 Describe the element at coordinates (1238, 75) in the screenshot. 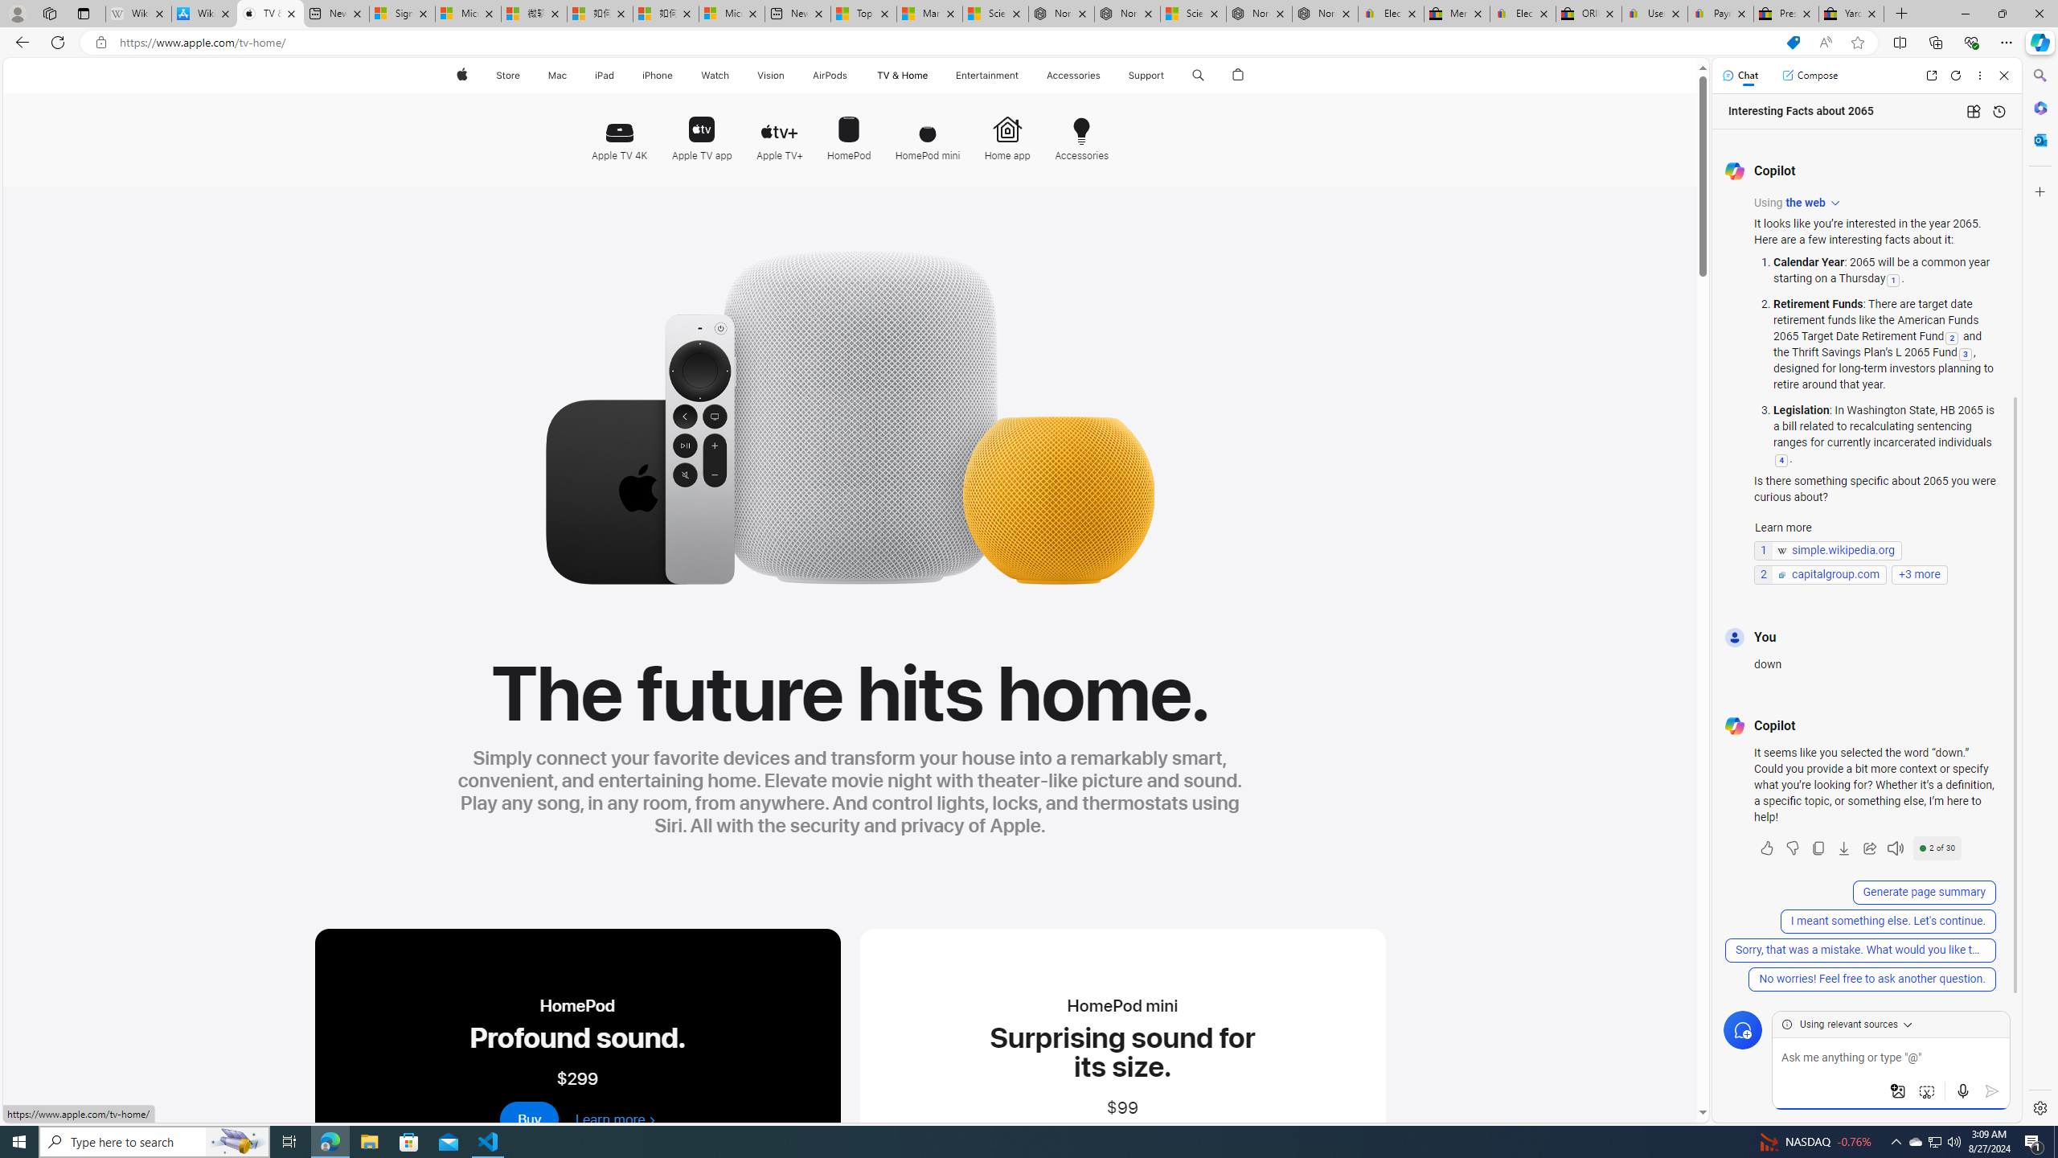

I see `'AutomationID: globalnav-bag'` at that location.